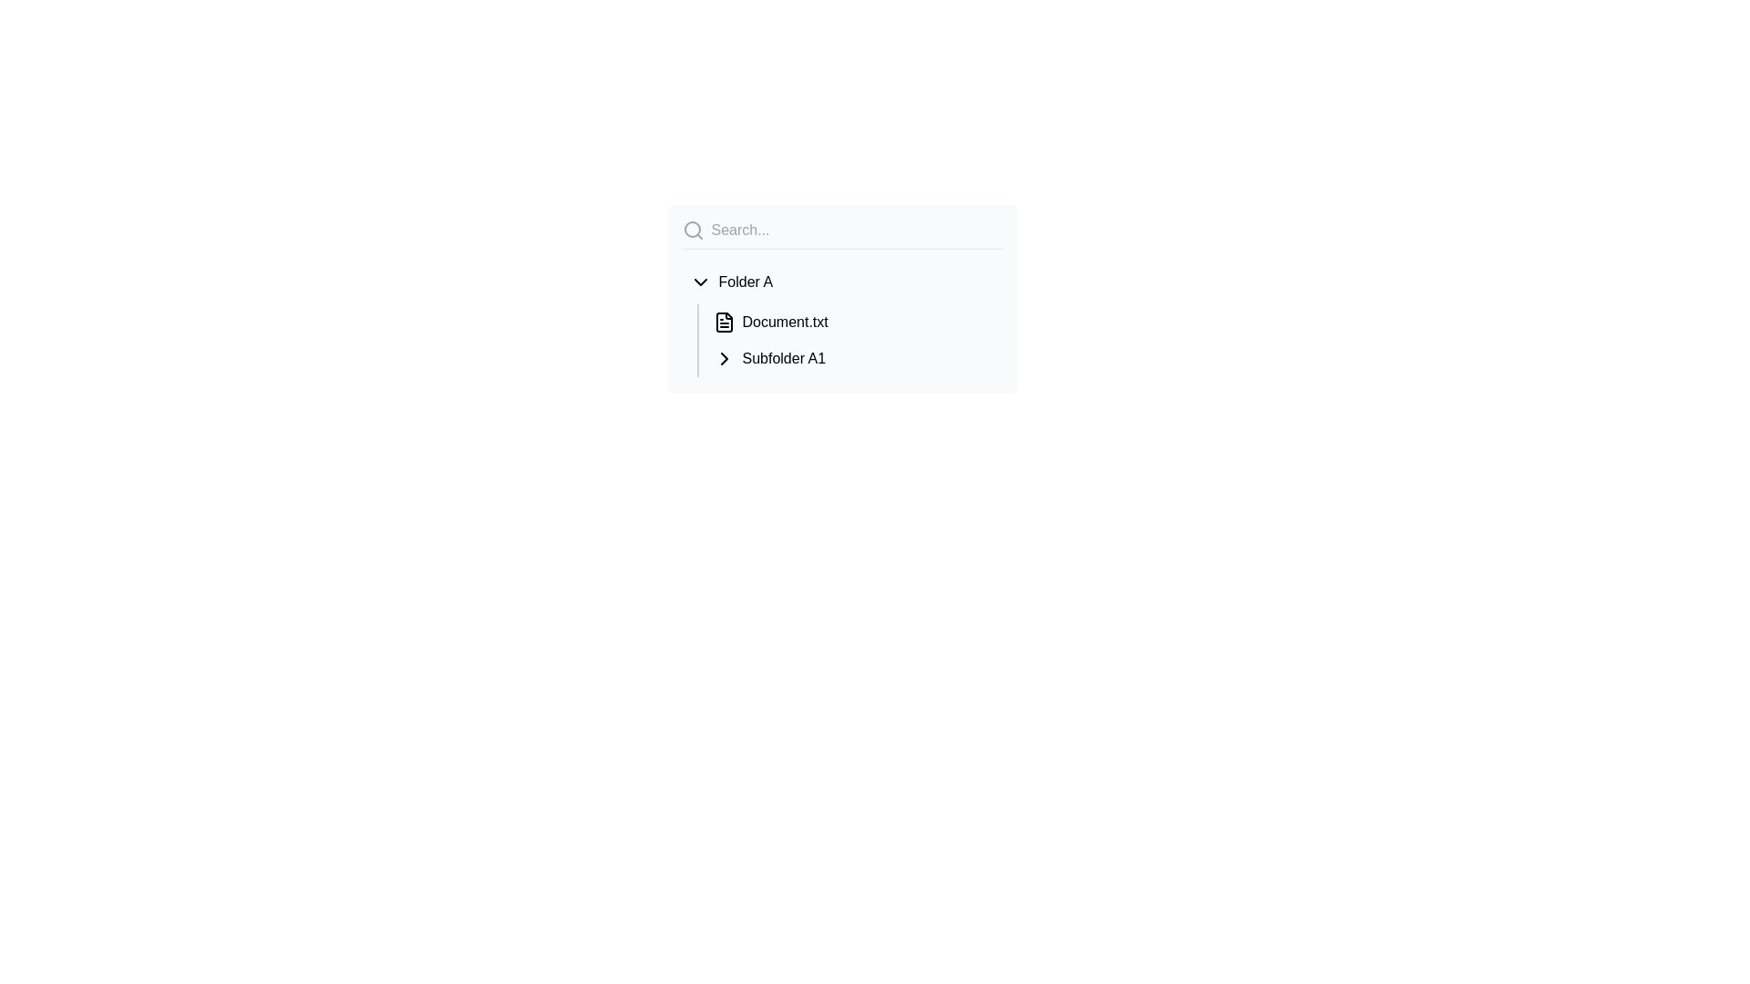  What do you see at coordinates (692, 230) in the screenshot?
I see `the input field adjacent to the magnifying glass icon located at the top-left corner of the main interface's search section` at bounding box center [692, 230].